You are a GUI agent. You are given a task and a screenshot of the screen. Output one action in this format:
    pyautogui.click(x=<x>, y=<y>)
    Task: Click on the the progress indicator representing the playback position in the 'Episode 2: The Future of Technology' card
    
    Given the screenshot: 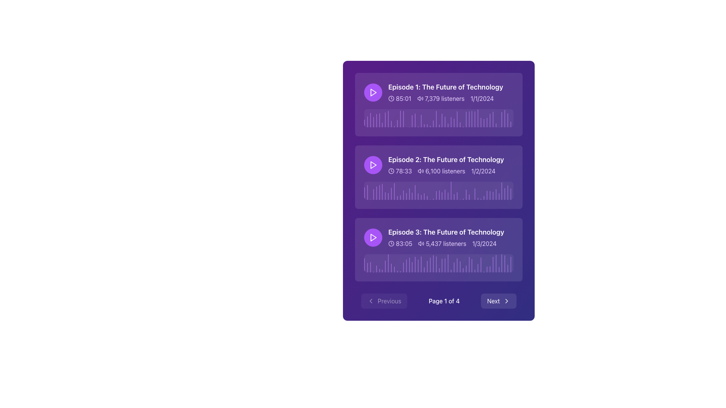 What is the action you would take?
    pyautogui.click(x=511, y=194)
    